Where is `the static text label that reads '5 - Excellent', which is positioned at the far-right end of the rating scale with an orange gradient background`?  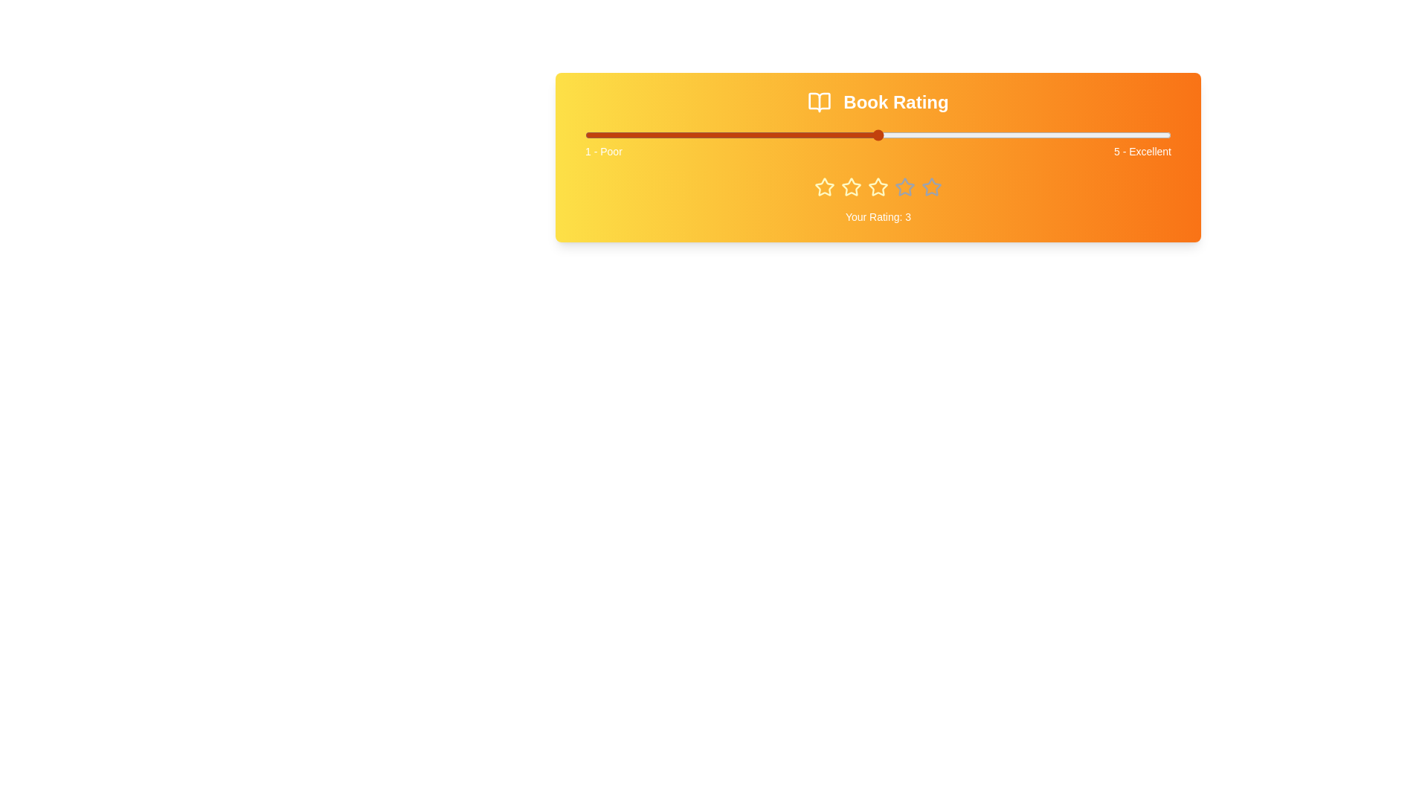 the static text label that reads '5 - Excellent', which is positioned at the far-right end of the rating scale with an orange gradient background is located at coordinates (1142, 152).